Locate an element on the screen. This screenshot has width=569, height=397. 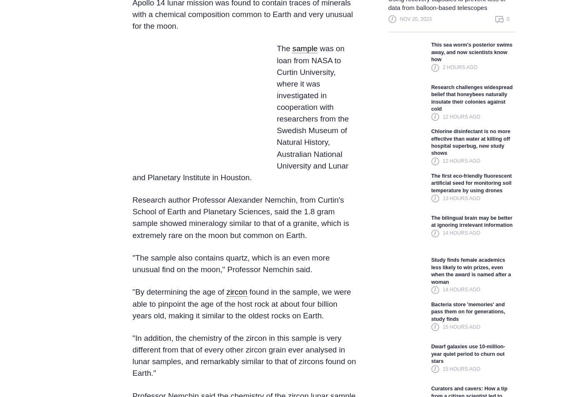
'Chlorine disinfectant is no more effective than water at killing off hospital superbug, new study shows' is located at coordinates (470, 142).